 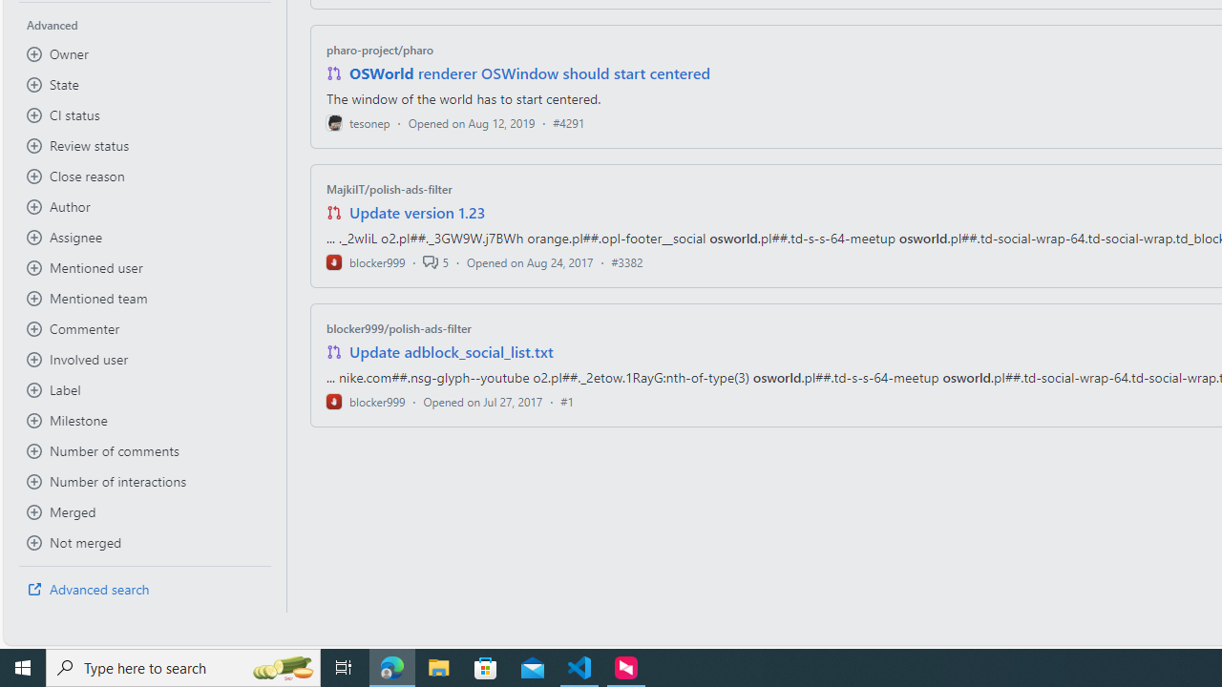 What do you see at coordinates (358, 122) in the screenshot?
I see `'tesonep'` at bounding box center [358, 122].